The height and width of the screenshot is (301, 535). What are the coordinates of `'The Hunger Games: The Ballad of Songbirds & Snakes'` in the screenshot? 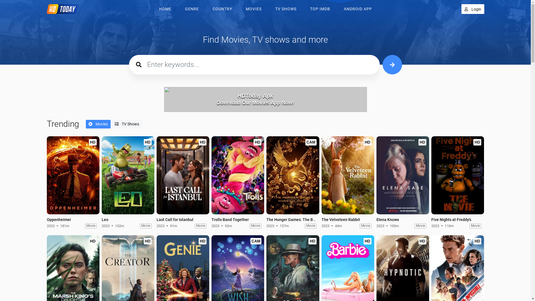 It's located at (292, 175).